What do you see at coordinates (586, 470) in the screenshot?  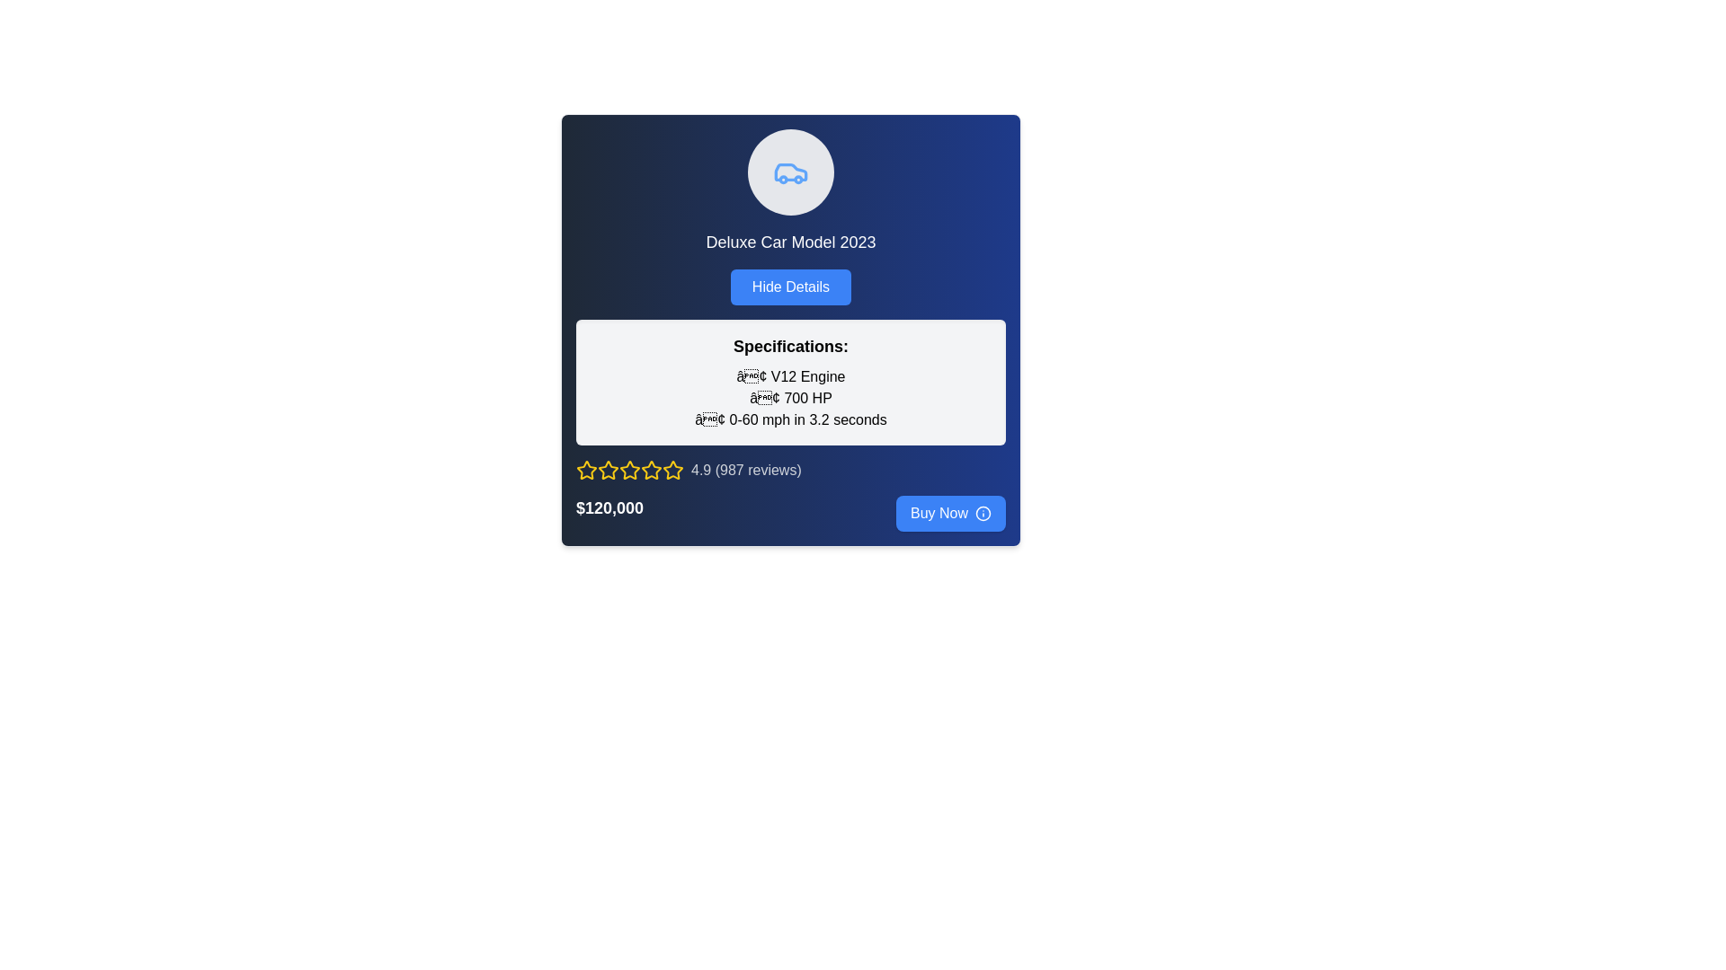 I see `the first star icon in the rating system located at the bottom-left section of the card interface` at bounding box center [586, 470].